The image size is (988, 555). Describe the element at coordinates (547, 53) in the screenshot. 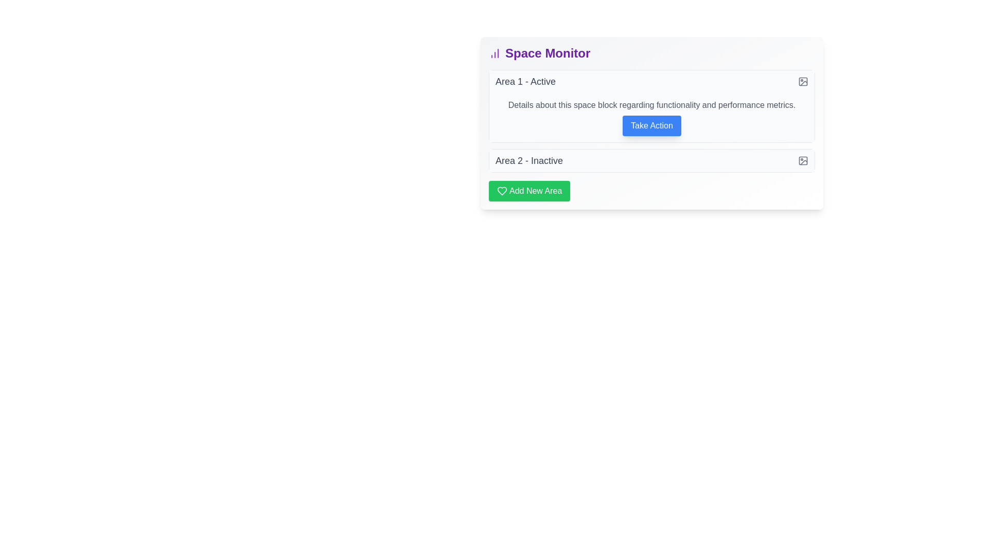

I see `the 'Space Monitor' text label, which is styled in bold purple font and positioned next to a chart indicator icon, to trigger visual effects` at that location.